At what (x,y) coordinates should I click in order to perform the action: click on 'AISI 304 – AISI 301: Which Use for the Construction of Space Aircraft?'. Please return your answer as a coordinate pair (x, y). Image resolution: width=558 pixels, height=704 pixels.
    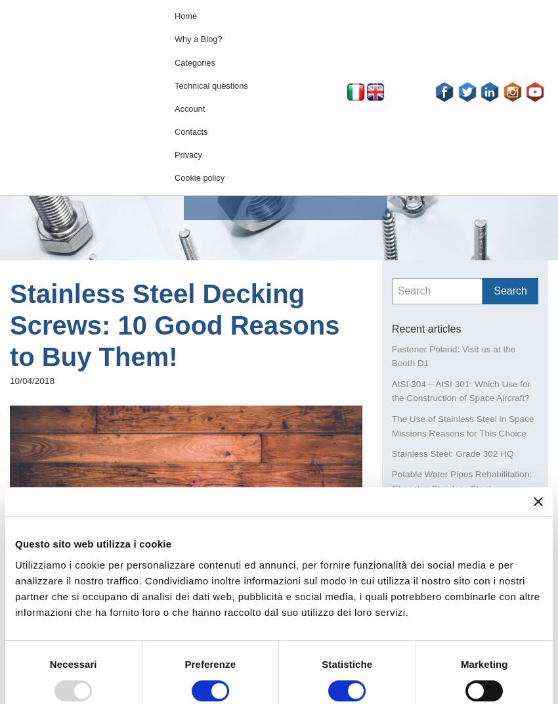
    Looking at the image, I should click on (460, 390).